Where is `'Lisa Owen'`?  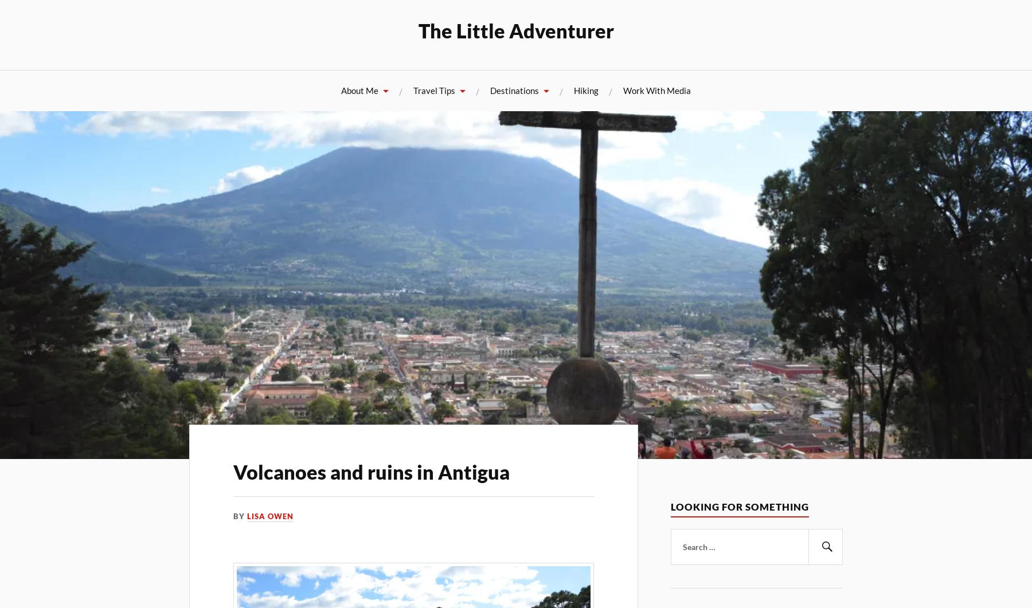
'Lisa Owen' is located at coordinates (269, 516).